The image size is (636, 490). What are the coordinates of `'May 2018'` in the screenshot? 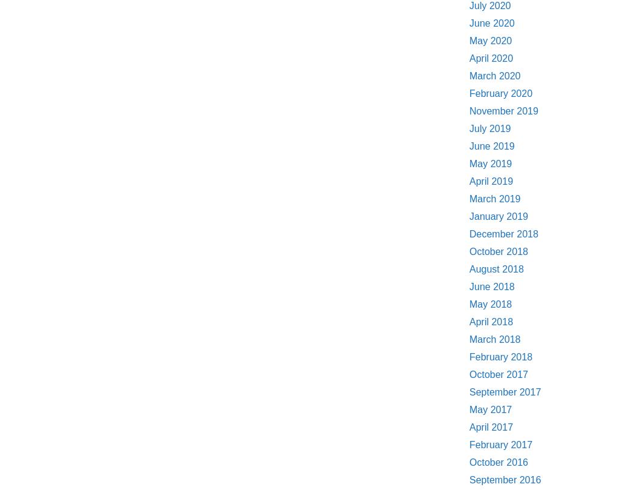 It's located at (489, 303).